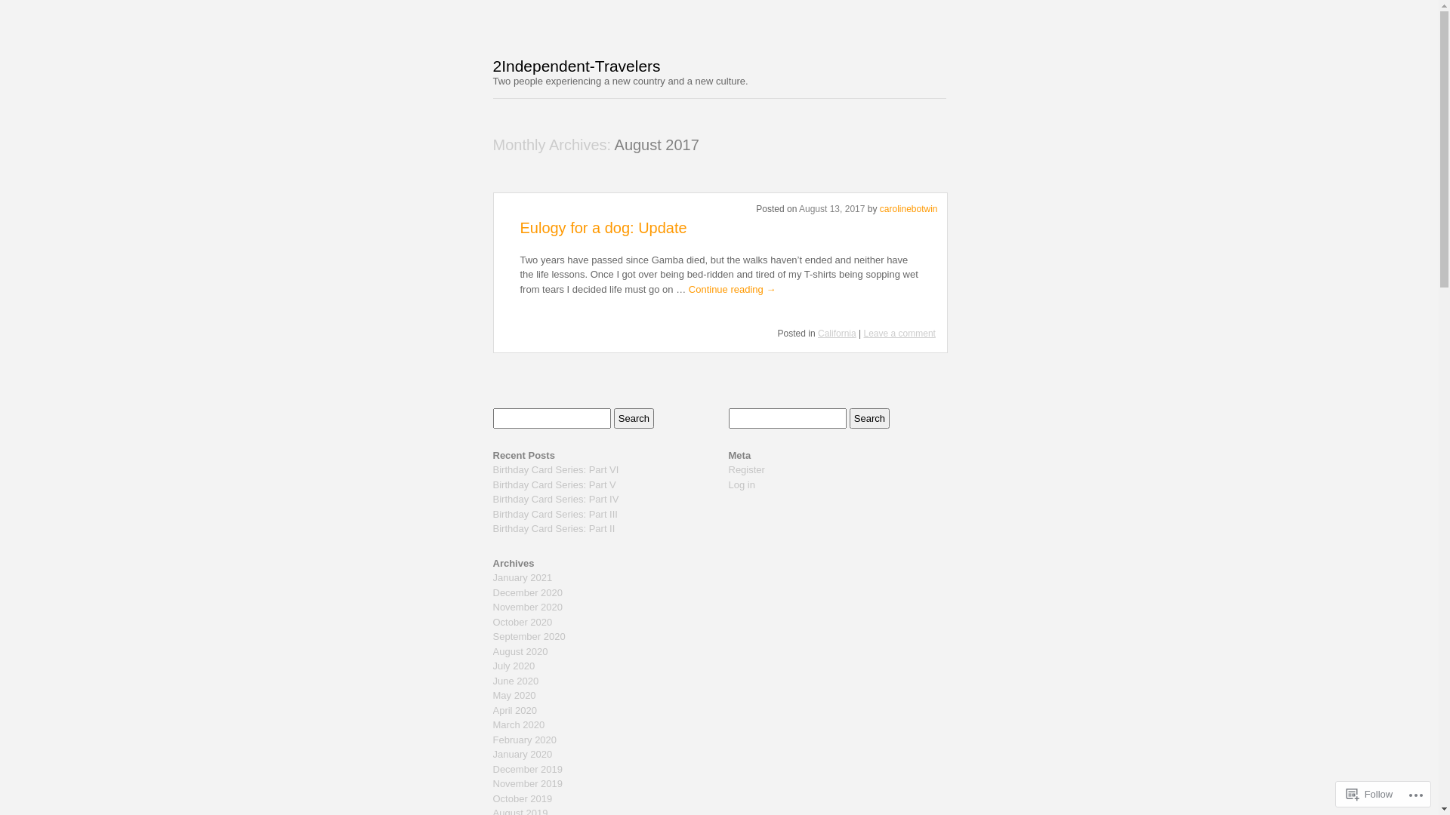 Image resolution: width=1450 pixels, height=815 pixels. What do you see at coordinates (522, 798) in the screenshot?
I see `'October 2019'` at bounding box center [522, 798].